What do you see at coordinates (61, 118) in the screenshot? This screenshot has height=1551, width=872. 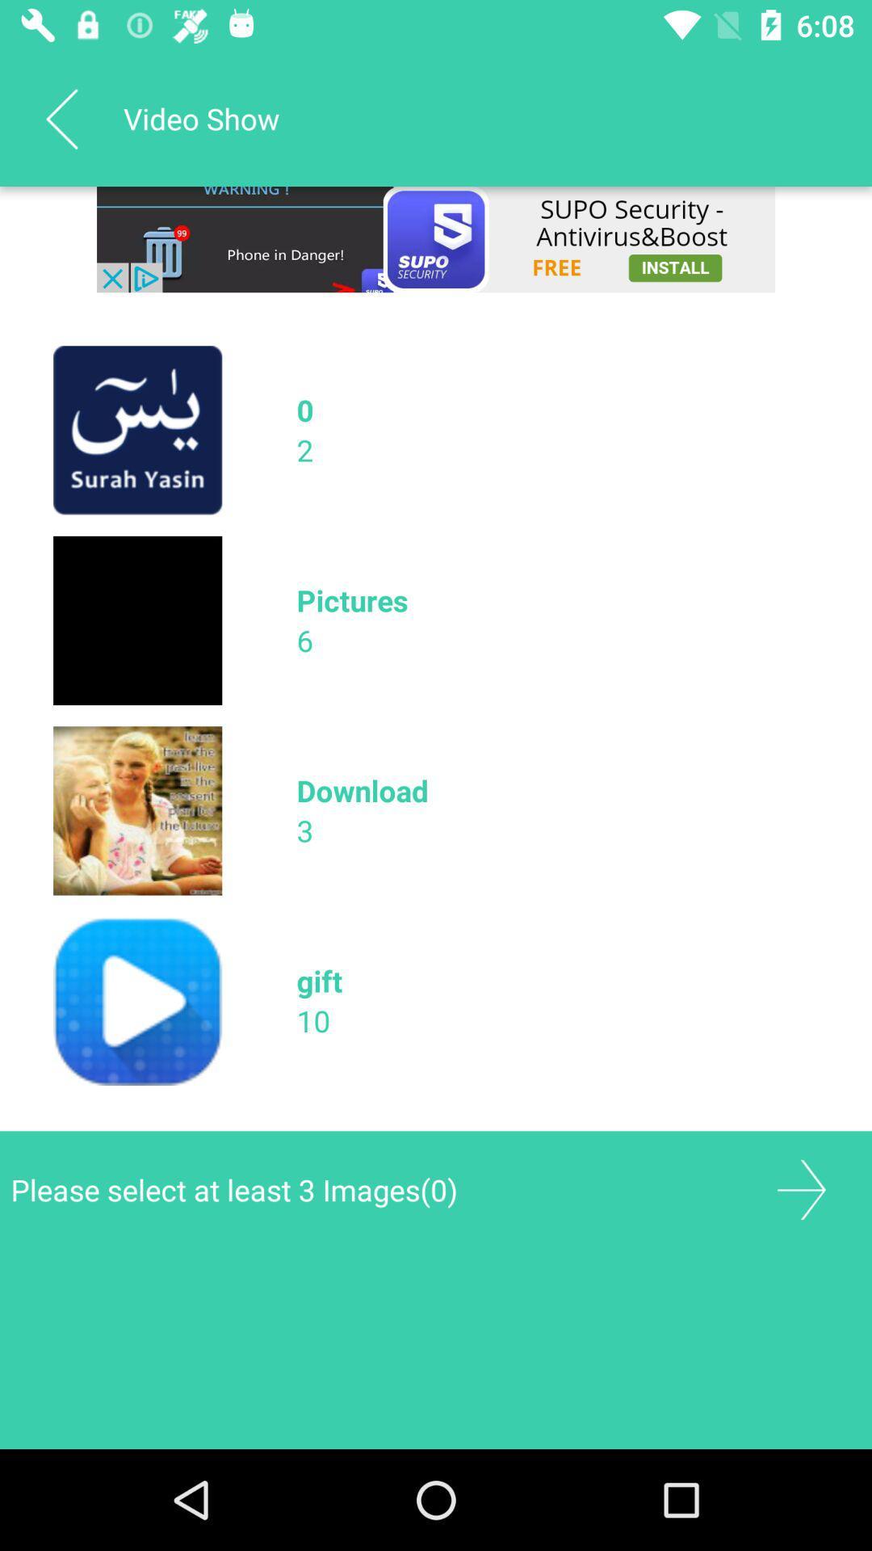 I see `back patturn` at bounding box center [61, 118].